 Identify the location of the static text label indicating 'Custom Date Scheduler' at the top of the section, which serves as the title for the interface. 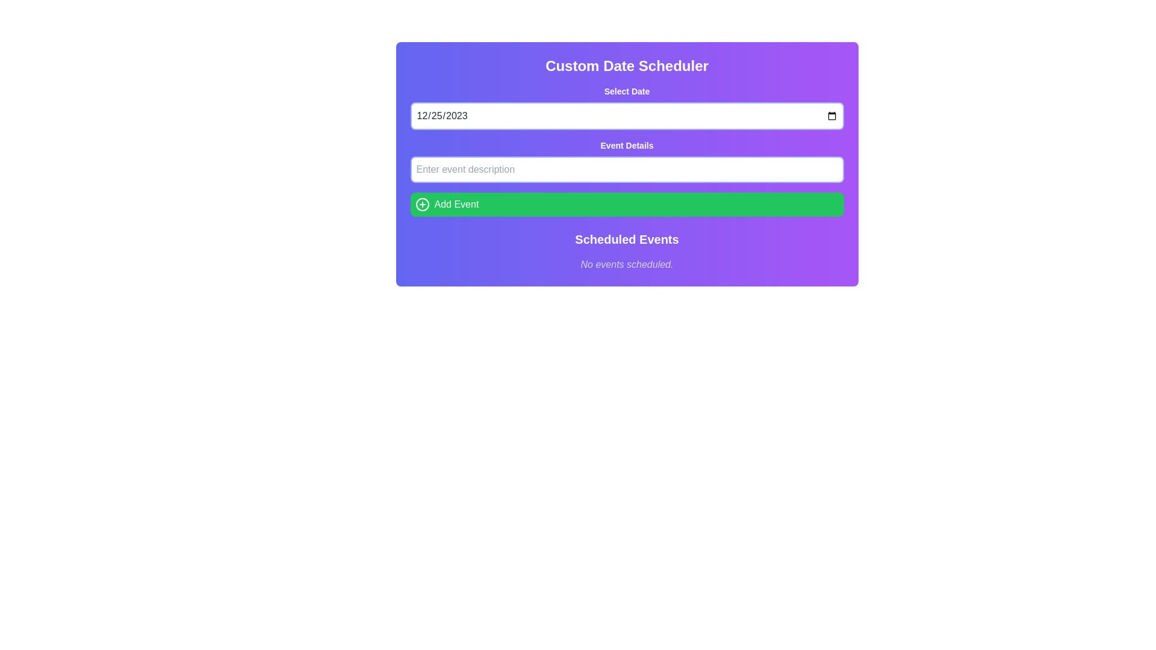
(626, 66).